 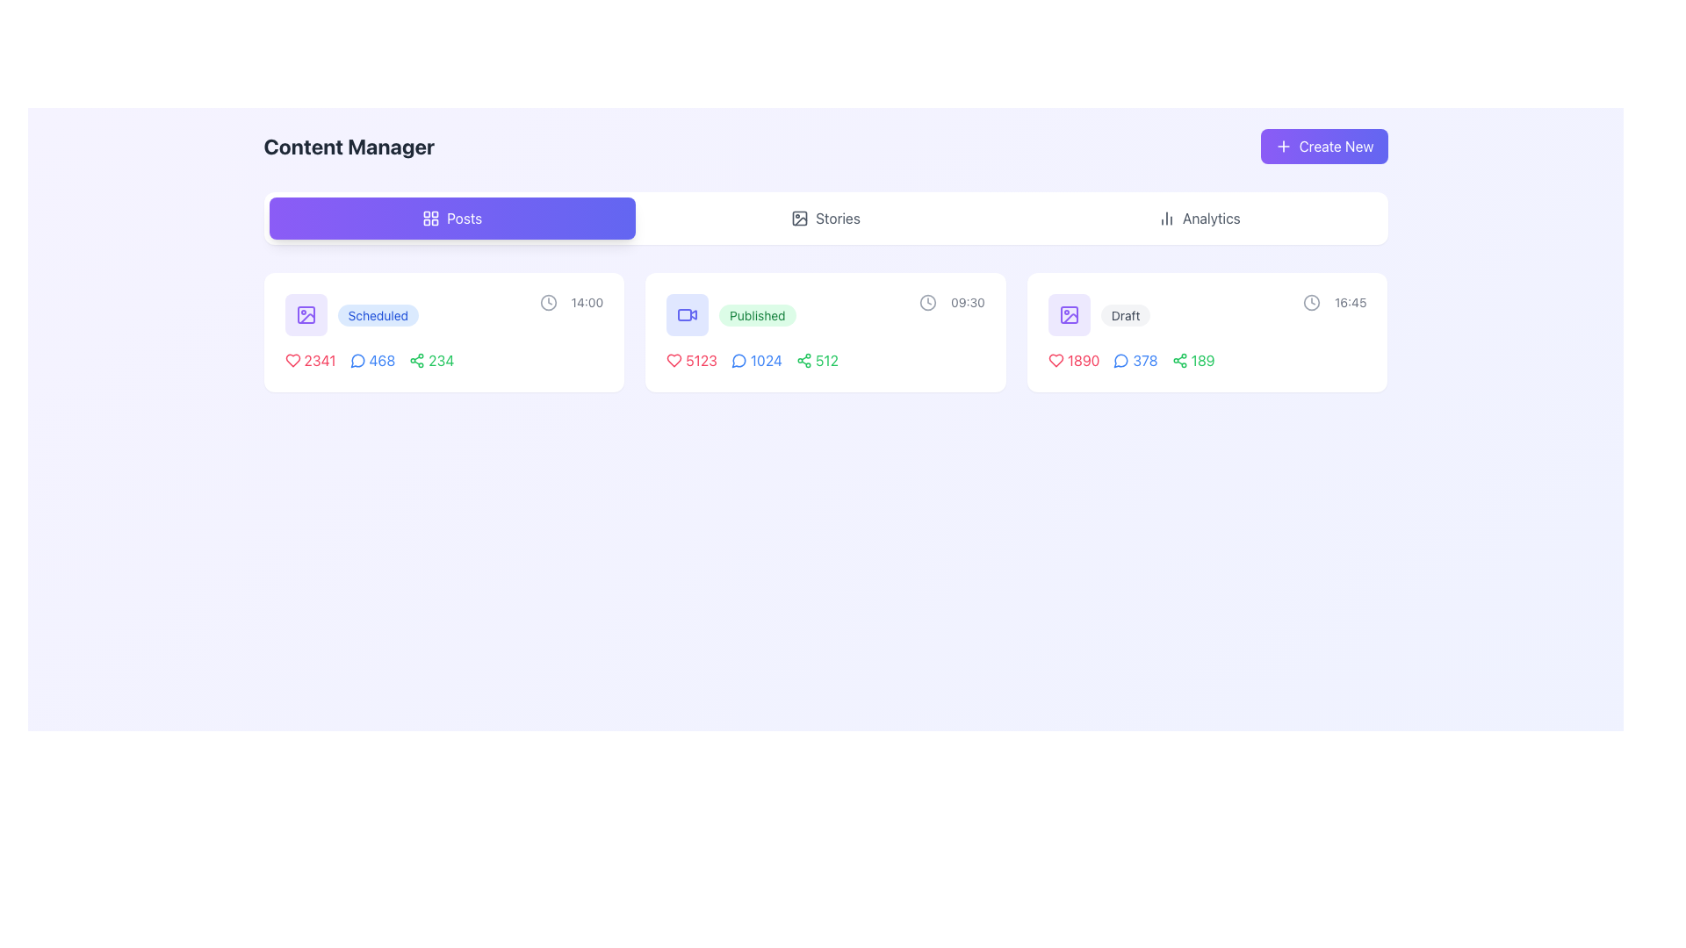 I want to click on the video icon, which is represented by a rounded rectangle containing a purple play button graphic, located in the second card of a horizontal list of three cards, so click(x=687, y=313).